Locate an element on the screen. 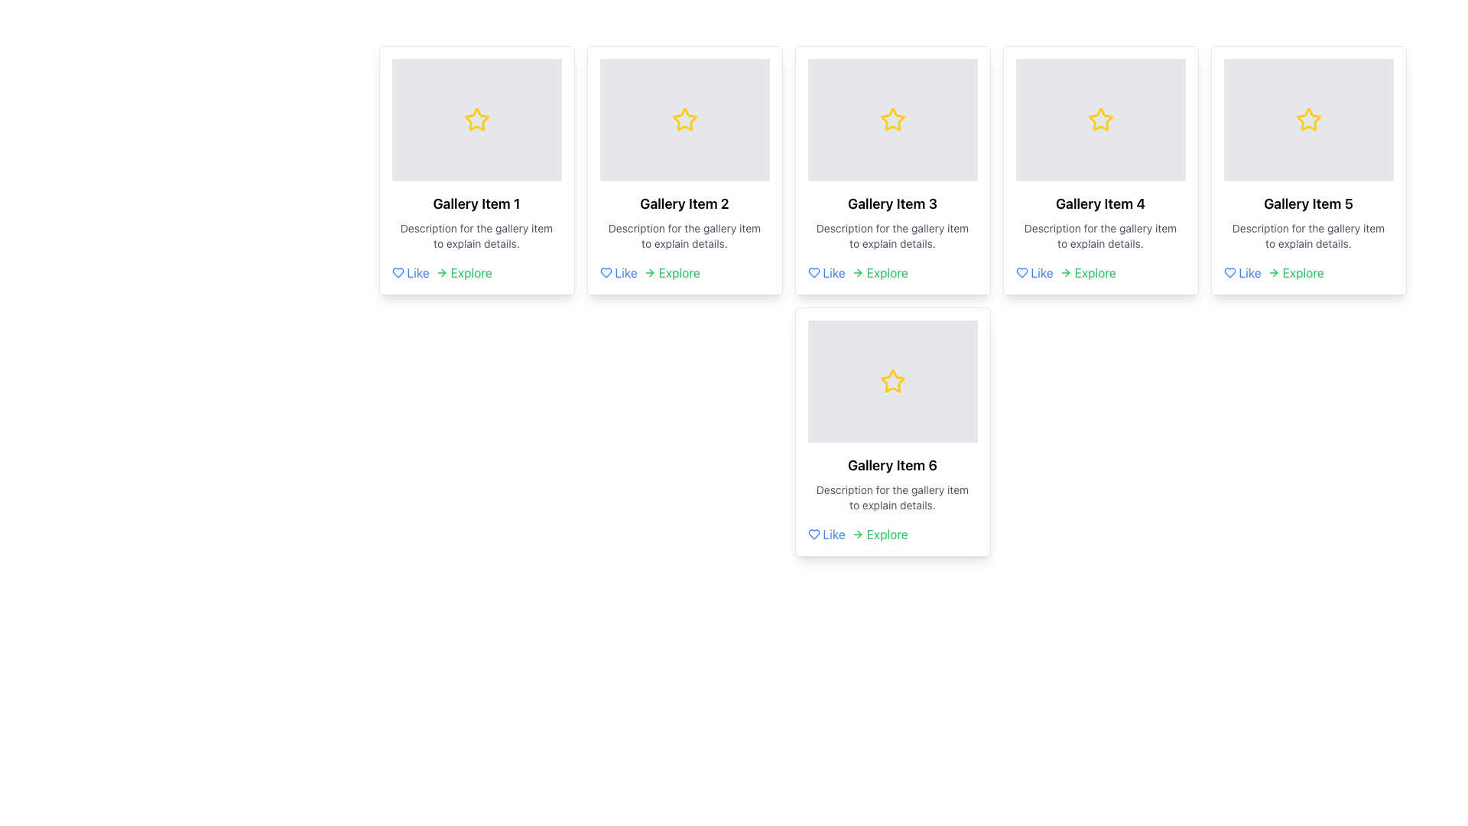 The width and height of the screenshot is (1468, 826). the heart icon located directly beneath the text 'Gallery Item 2' to like or unlike the item is located at coordinates (605, 272).